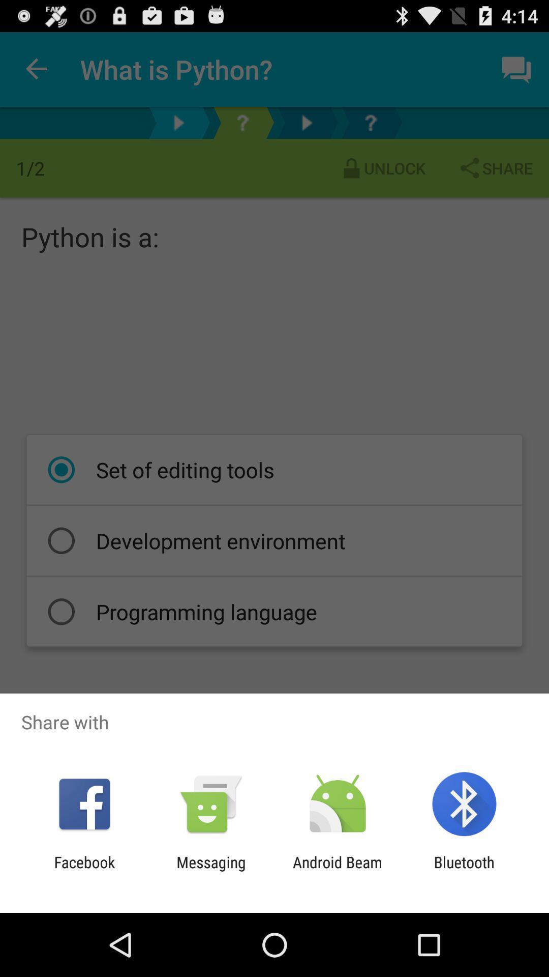 This screenshot has height=977, width=549. What do you see at coordinates (210, 871) in the screenshot?
I see `the item next to facebook` at bounding box center [210, 871].